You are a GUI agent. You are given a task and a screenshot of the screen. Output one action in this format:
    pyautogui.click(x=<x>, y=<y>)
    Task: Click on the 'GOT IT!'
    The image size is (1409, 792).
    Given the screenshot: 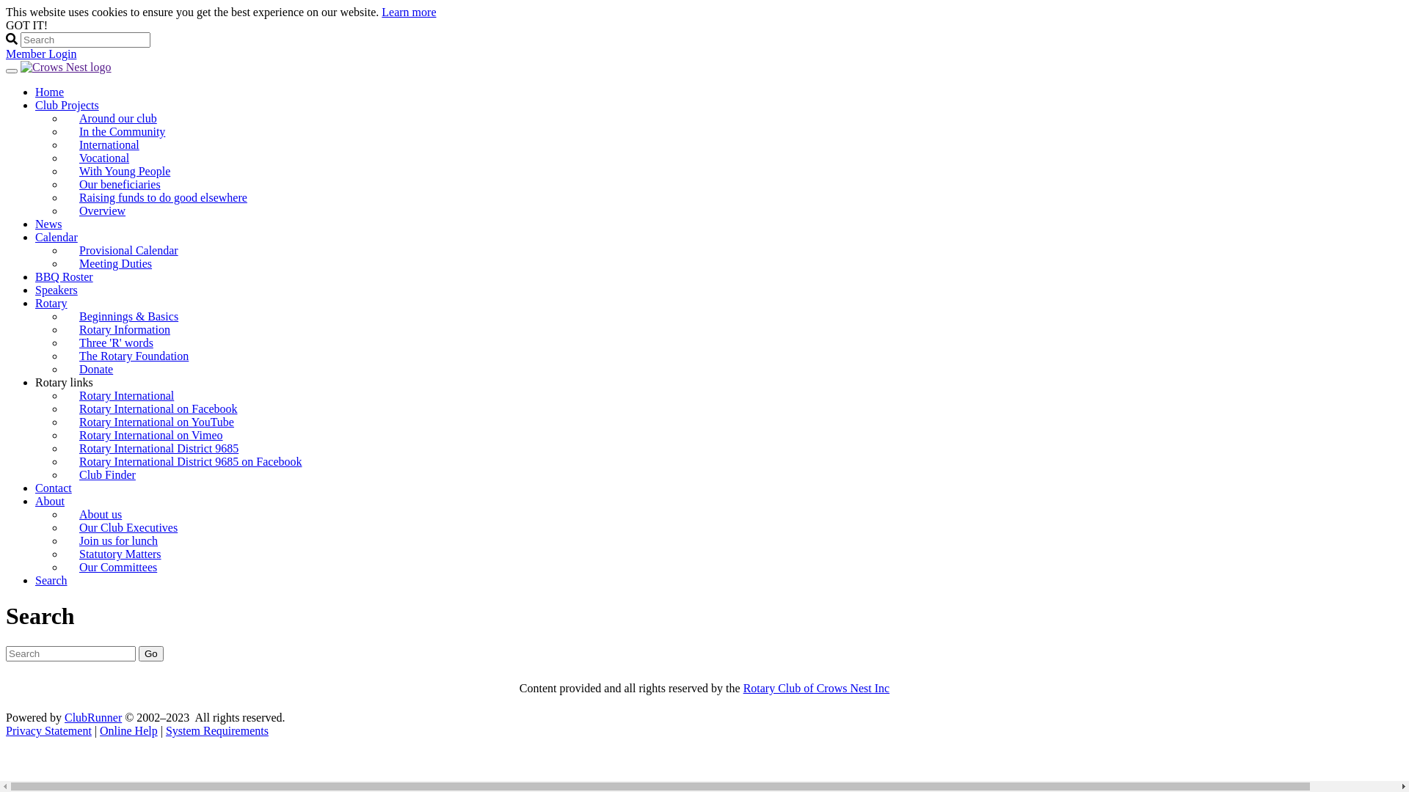 What is the action you would take?
    pyautogui.click(x=26, y=25)
    